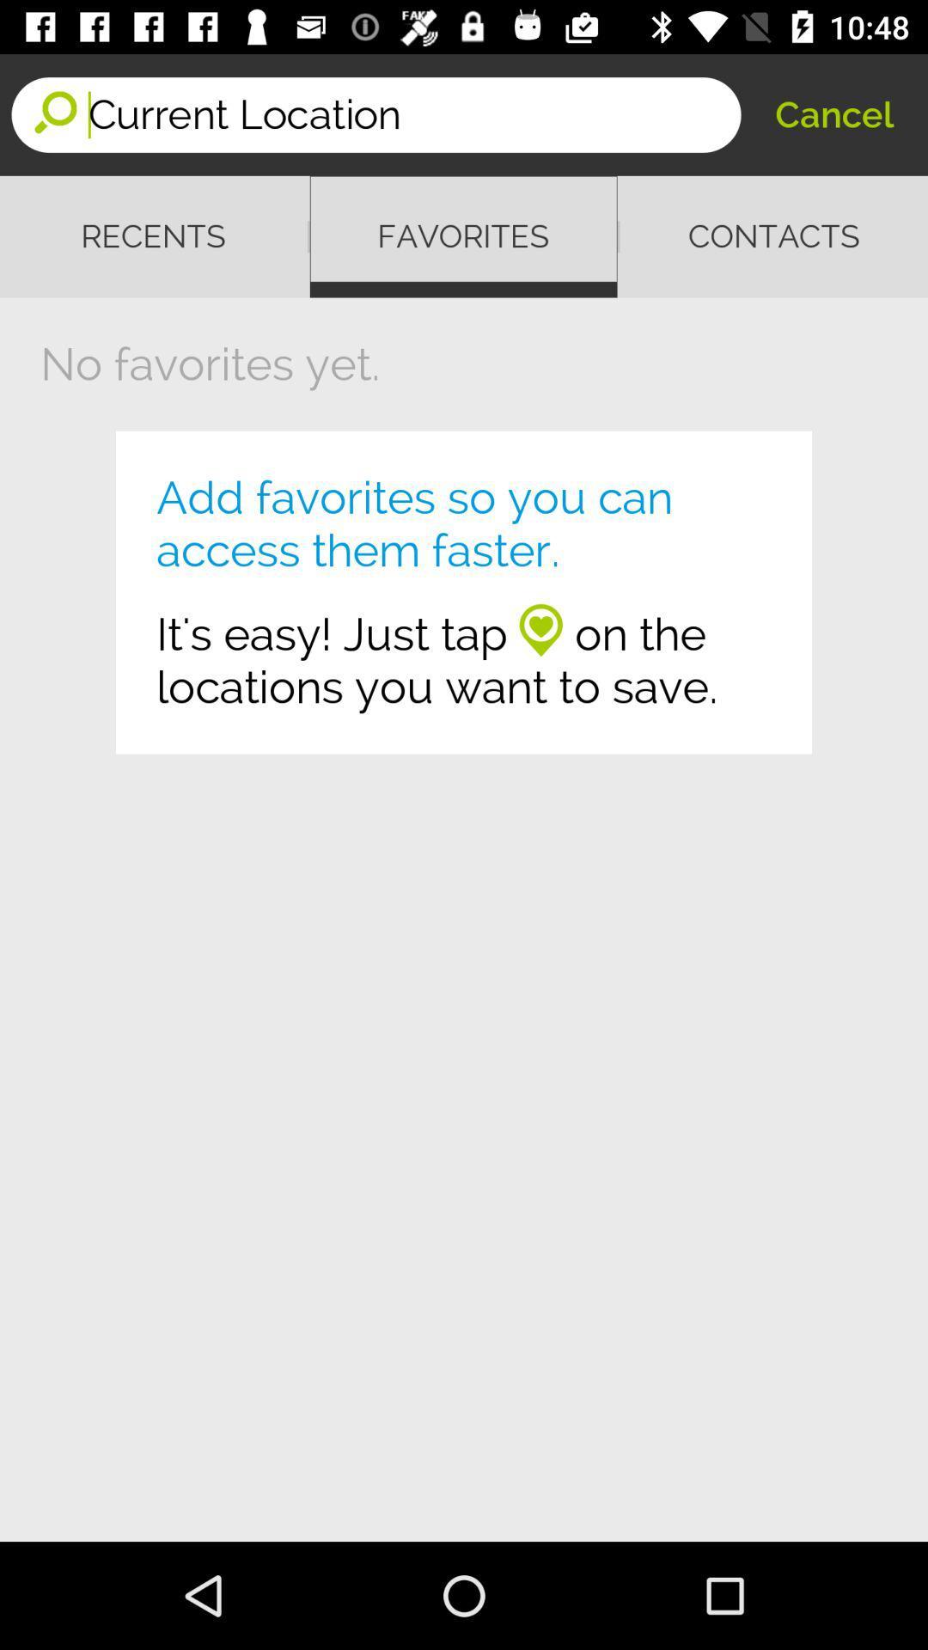 The width and height of the screenshot is (928, 1650). I want to click on the icon next to cancel icon, so click(414, 113).